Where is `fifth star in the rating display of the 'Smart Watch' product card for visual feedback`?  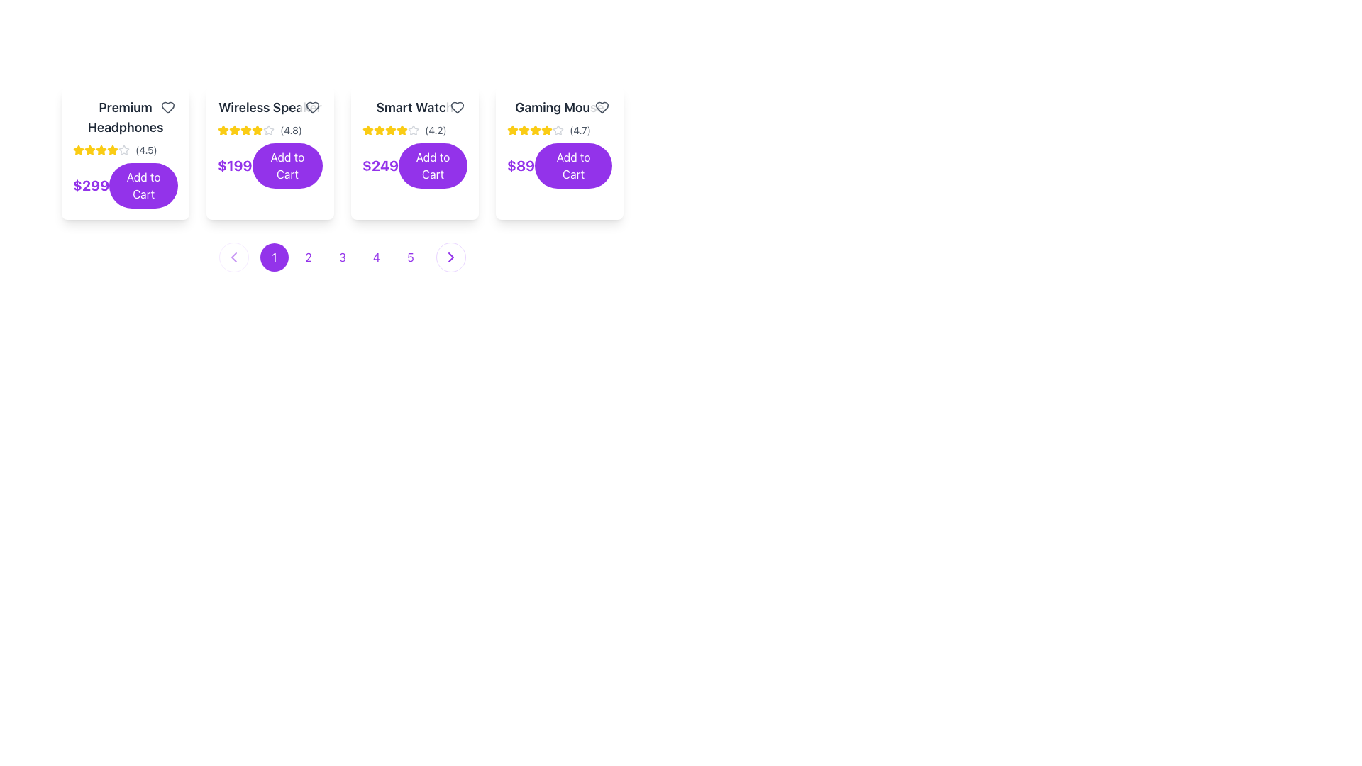 fifth star in the rating display of the 'Smart Watch' product card for visual feedback is located at coordinates (401, 131).